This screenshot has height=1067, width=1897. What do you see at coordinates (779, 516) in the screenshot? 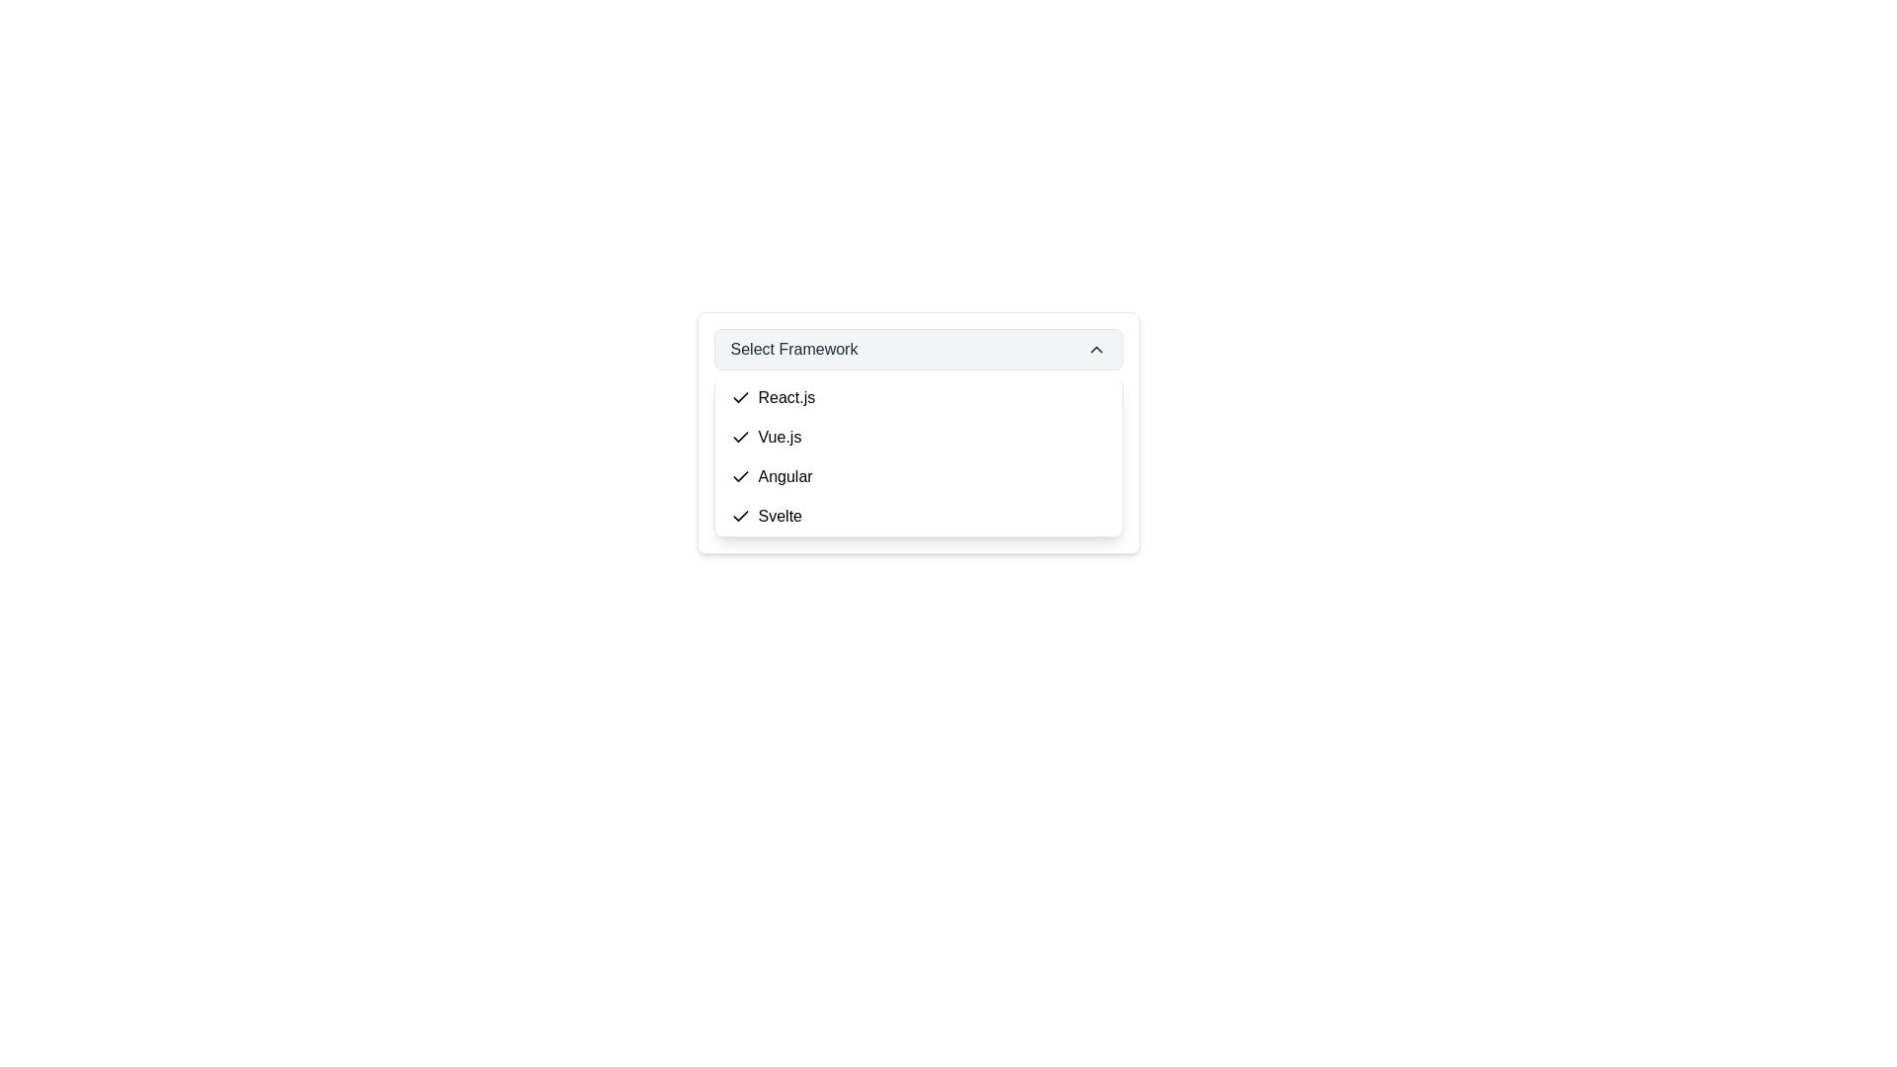
I see `the text label indicating the name of the framework 'Svelte', which is the last item in a vertical list of selectable frameworks in a dropdown menu` at bounding box center [779, 516].